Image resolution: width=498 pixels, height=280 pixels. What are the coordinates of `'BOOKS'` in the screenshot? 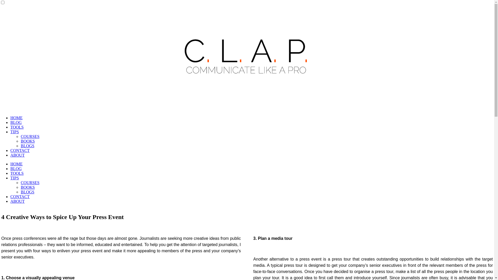 It's located at (27, 187).